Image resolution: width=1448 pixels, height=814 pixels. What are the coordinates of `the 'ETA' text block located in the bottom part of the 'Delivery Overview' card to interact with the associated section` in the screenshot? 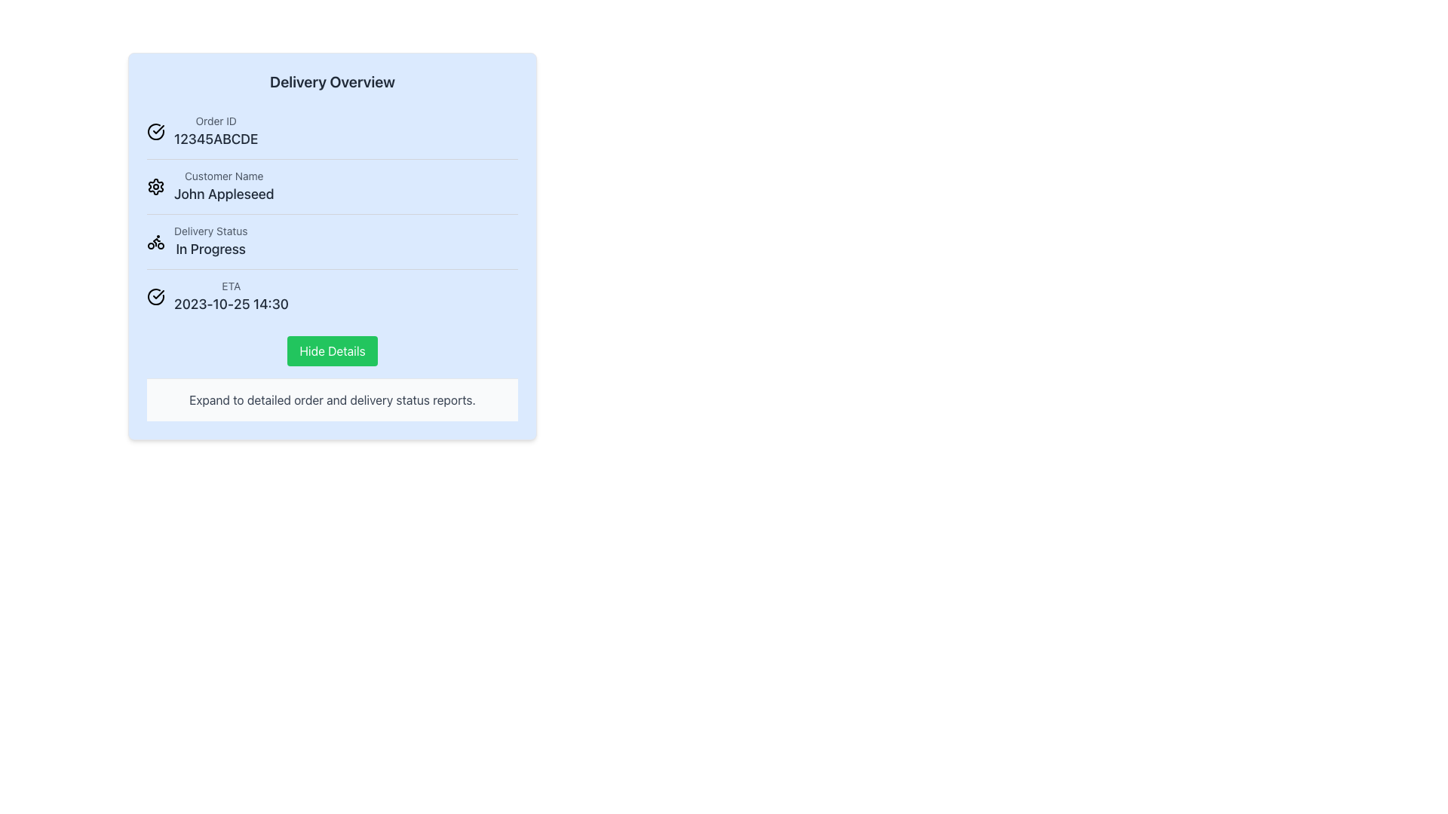 It's located at (231, 296).